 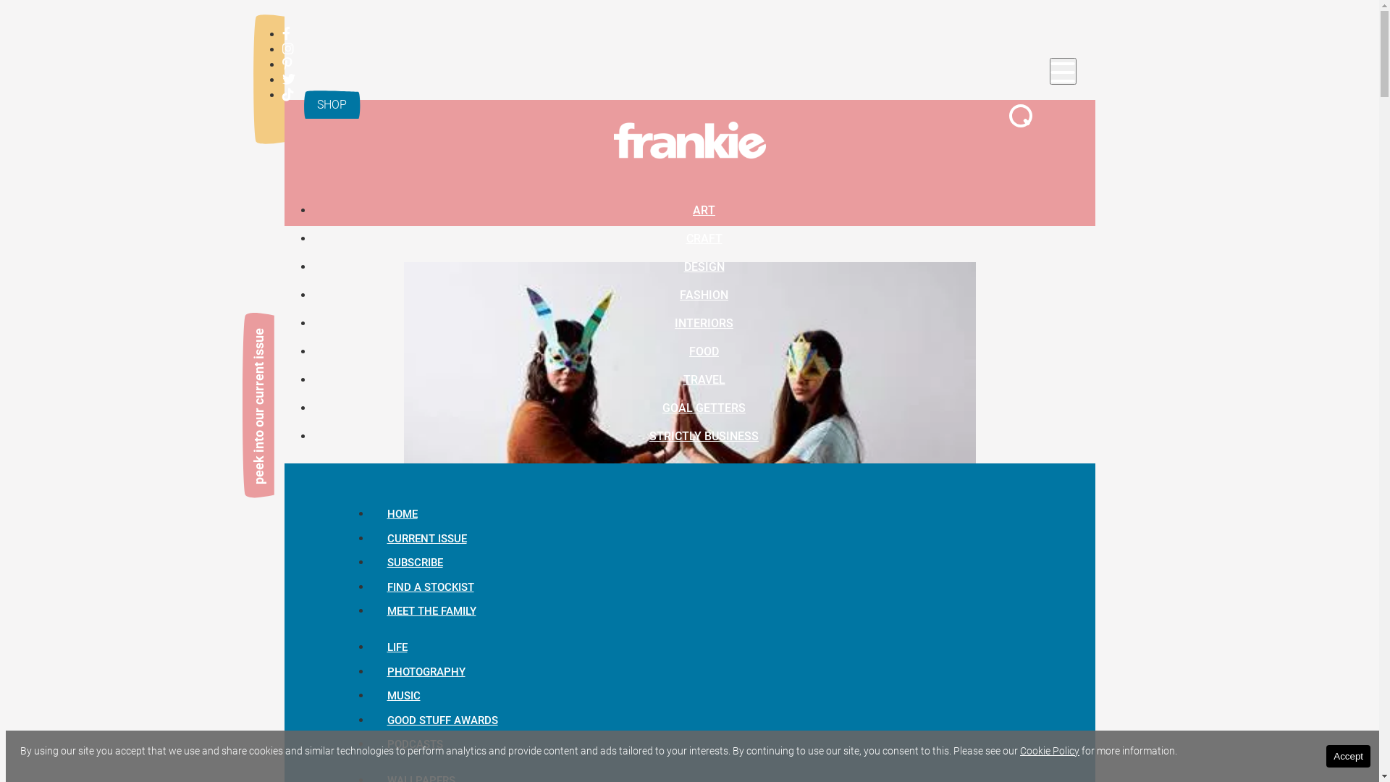 What do you see at coordinates (429, 586) in the screenshot?
I see `'FIND A STOCKIST'` at bounding box center [429, 586].